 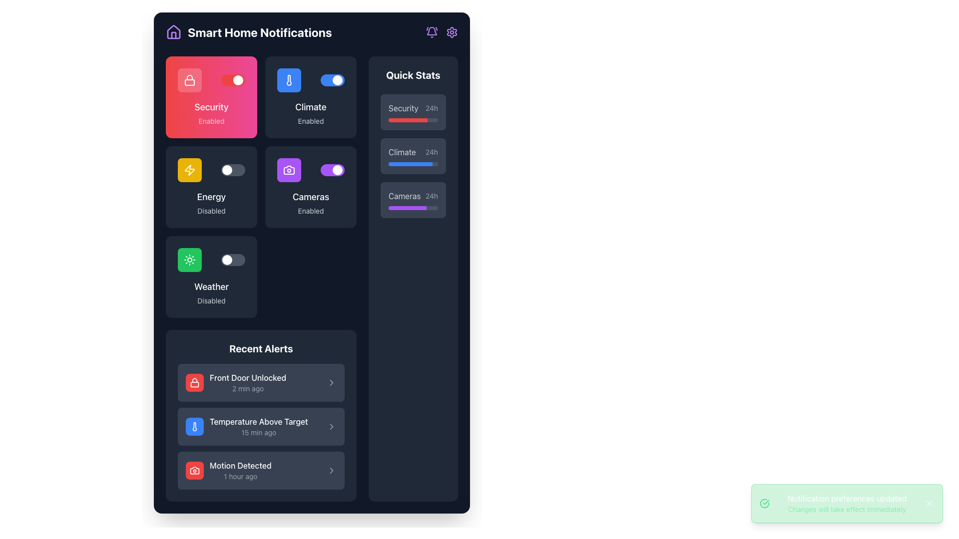 What do you see at coordinates (259, 427) in the screenshot?
I see `the 'Temperature Above Target' alert in the Recent Alerts section` at bounding box center [259, 427].